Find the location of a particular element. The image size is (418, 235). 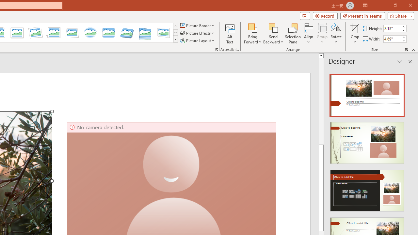

'Shape Width' is located at coordinates (392, 39).